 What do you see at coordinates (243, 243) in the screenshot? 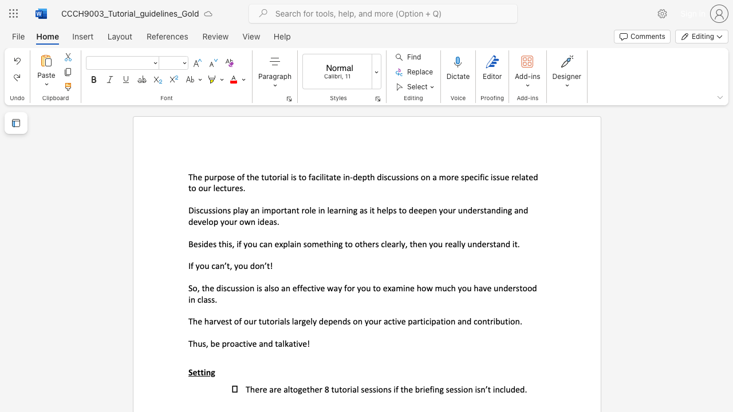
I see `the subset text "you can ex" within the text "Besides this, if you can explain something to others clearly, then you really understand it."` at bounding box center [243, 243].